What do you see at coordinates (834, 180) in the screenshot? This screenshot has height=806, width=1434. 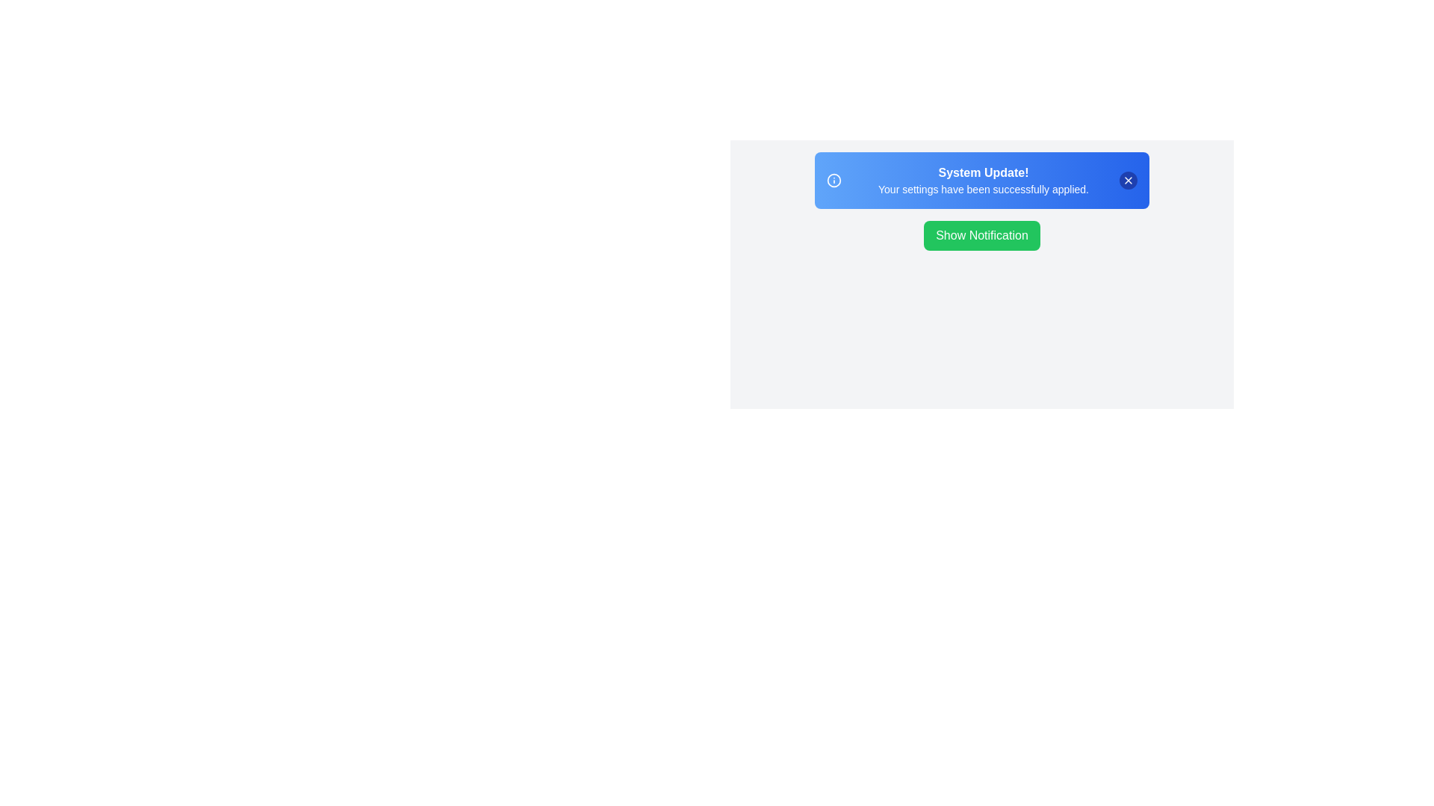 I see `the information icon in the snackbar` at bounding box center [834, 180].